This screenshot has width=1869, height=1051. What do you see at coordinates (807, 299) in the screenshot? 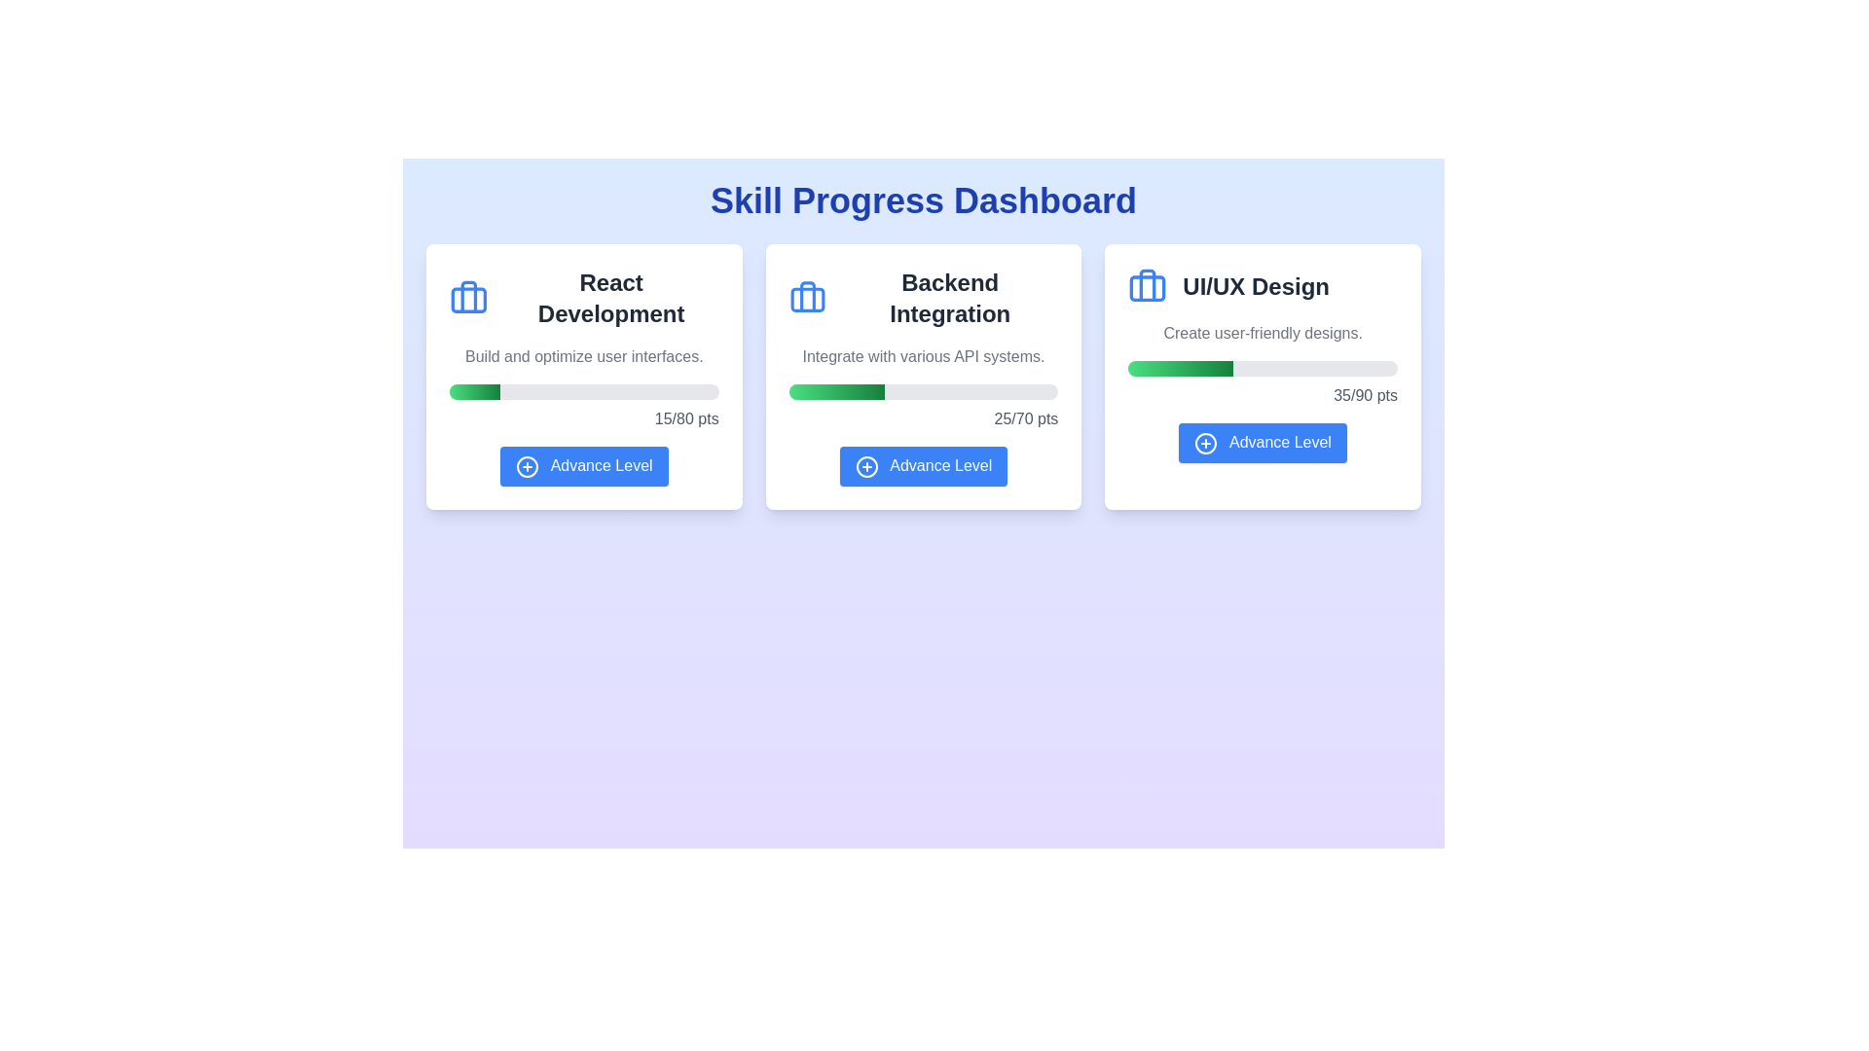
I see `the 'Backend Integration' icon located at the top-left corner of its card, which serves as a visual indicator for intuitive navigation` at bounding box center [807, 299].